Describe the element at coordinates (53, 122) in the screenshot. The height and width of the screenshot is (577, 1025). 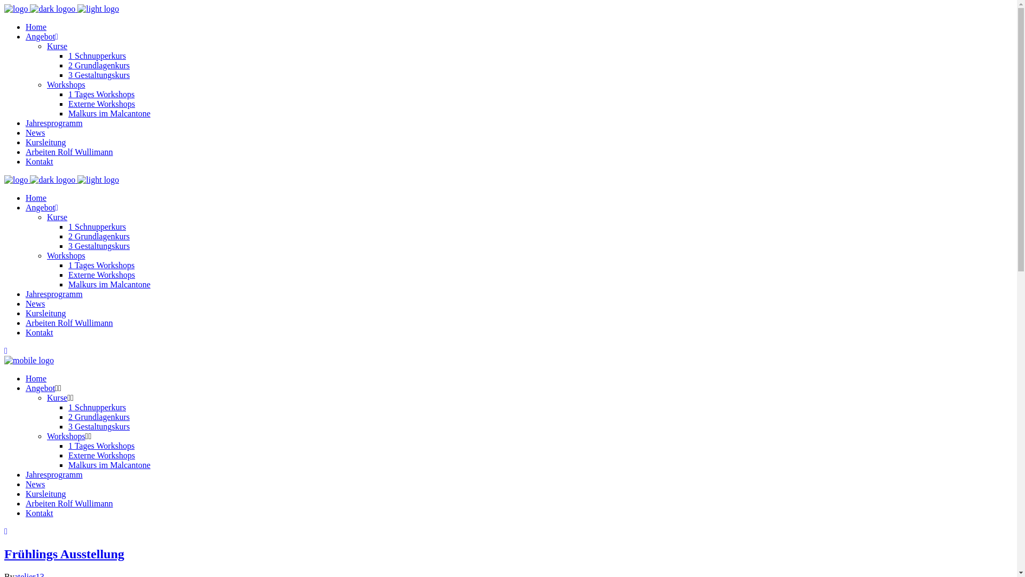
I see `'Jahresprogramm'` at that location.